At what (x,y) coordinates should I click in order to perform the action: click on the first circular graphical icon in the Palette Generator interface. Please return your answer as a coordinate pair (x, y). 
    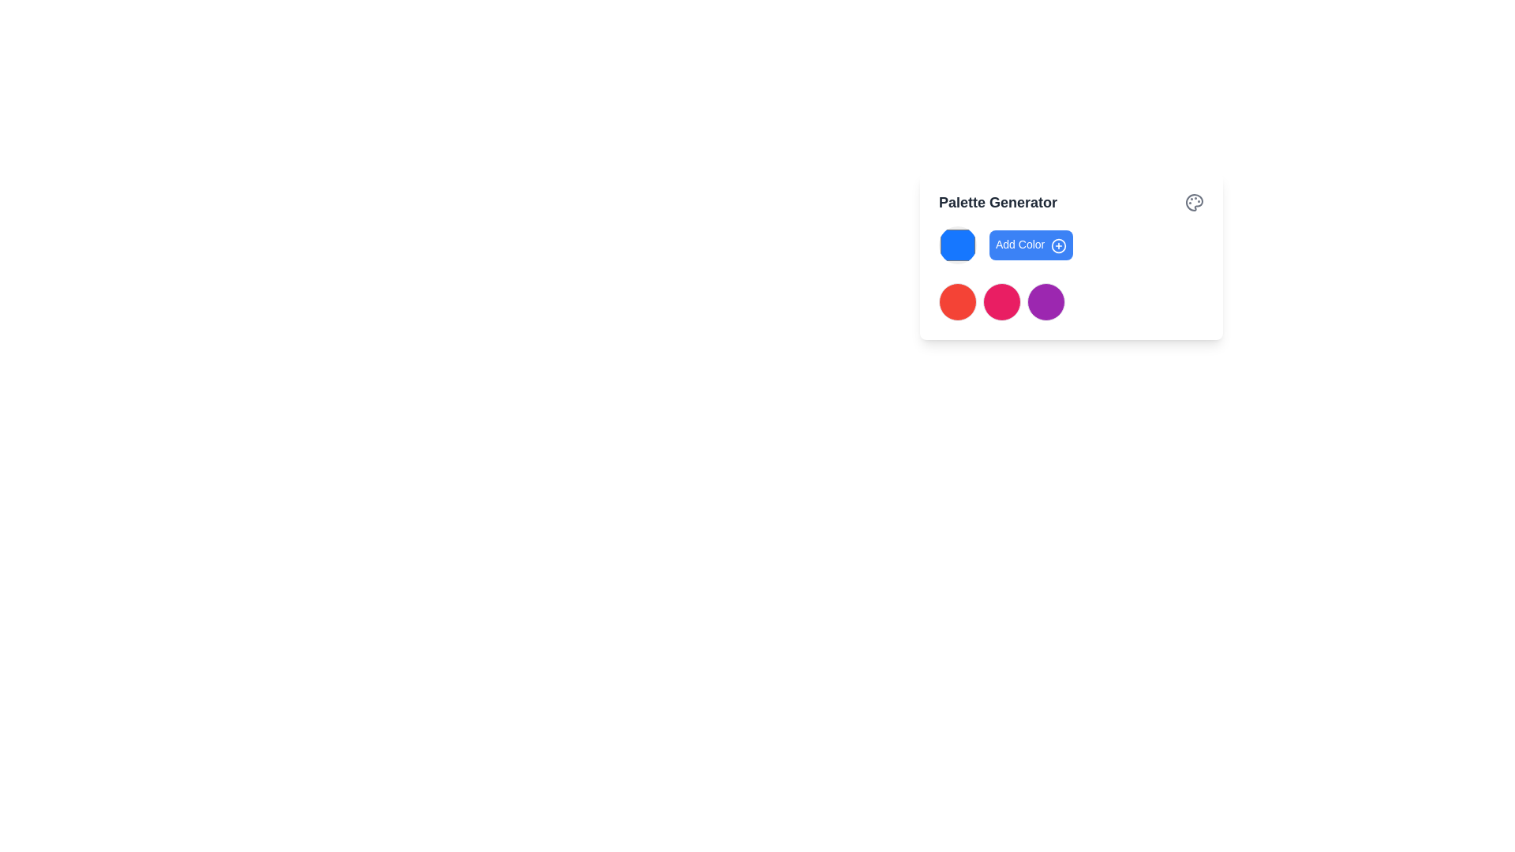
    Looking at the image, I should click on (957, 301).